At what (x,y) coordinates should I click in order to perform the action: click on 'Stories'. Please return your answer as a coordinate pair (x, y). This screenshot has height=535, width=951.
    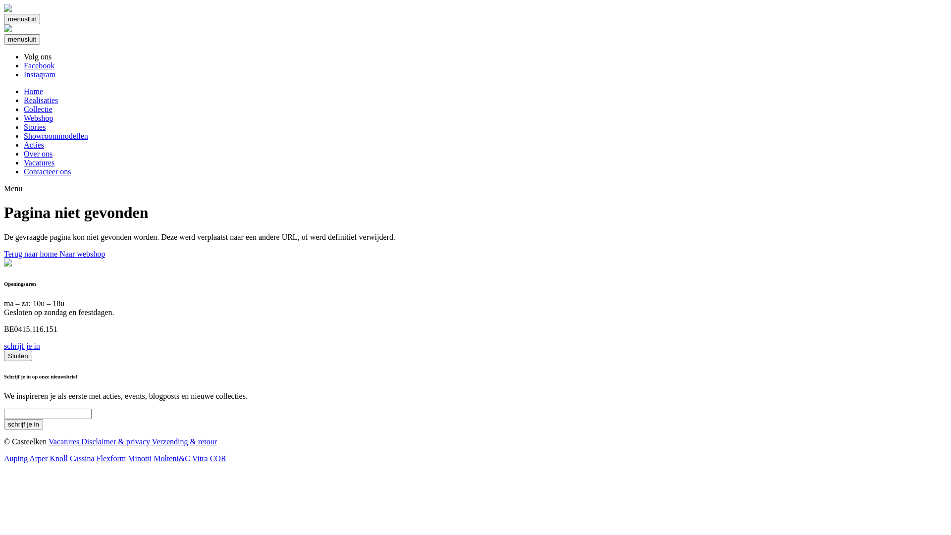
    Looking at the image, I should click on (35, 126).